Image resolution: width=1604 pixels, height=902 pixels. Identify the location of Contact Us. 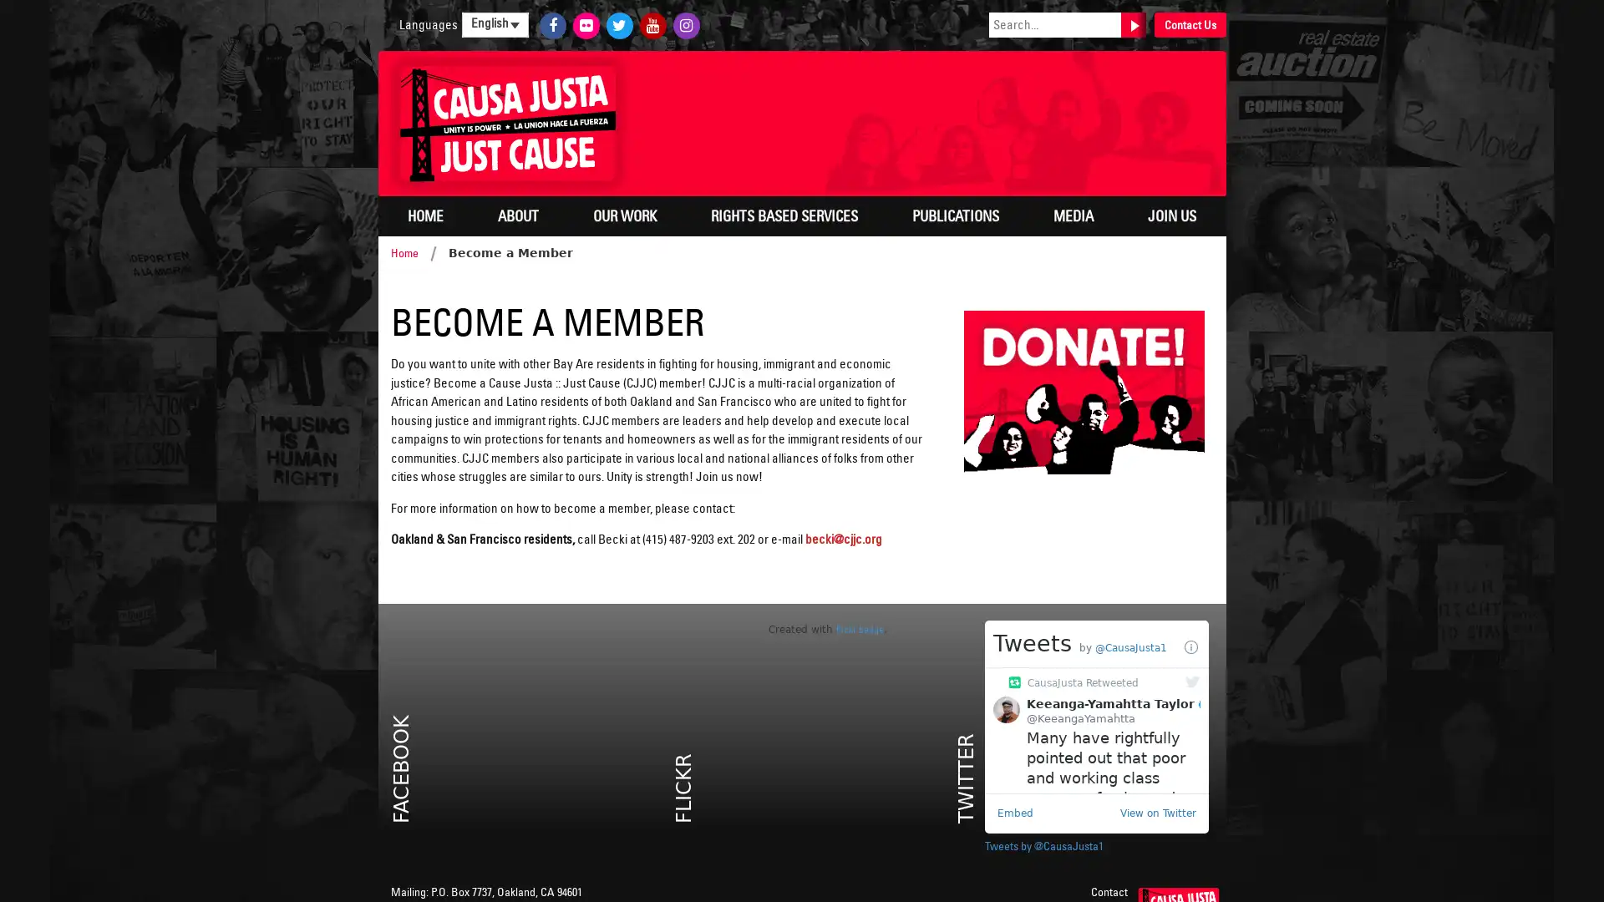
(1189, 25).